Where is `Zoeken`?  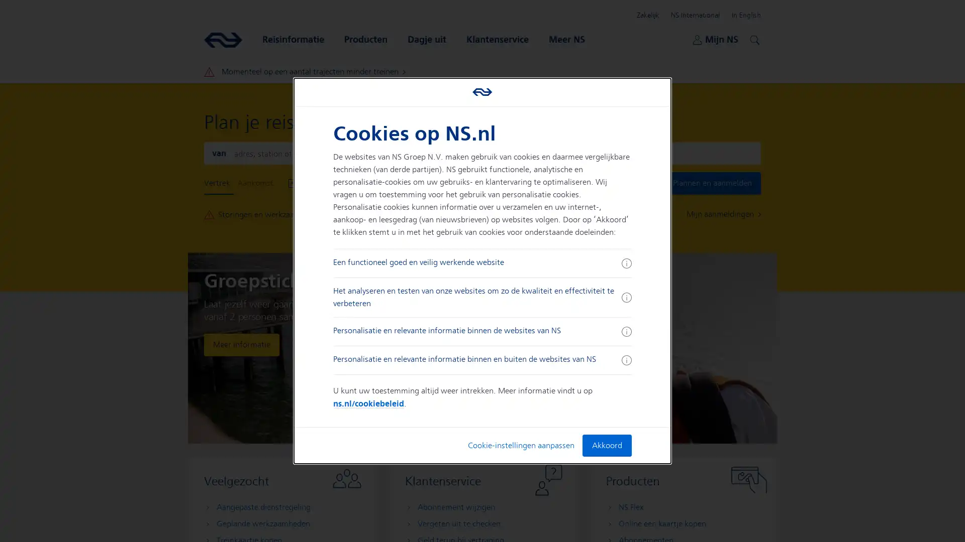 Zoeken is located at coordinates (753, 38).